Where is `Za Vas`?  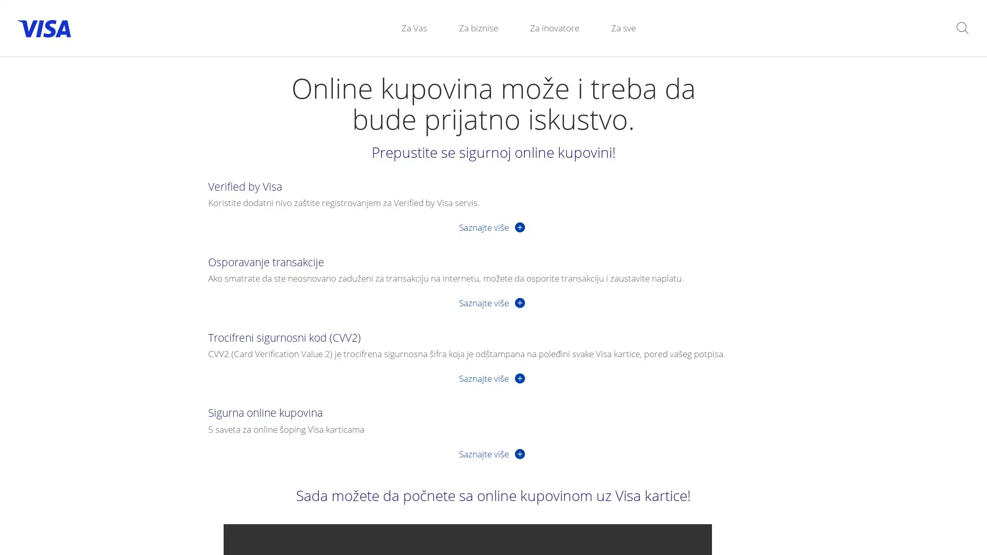
Za Vas is located at coordinates (414, 27).